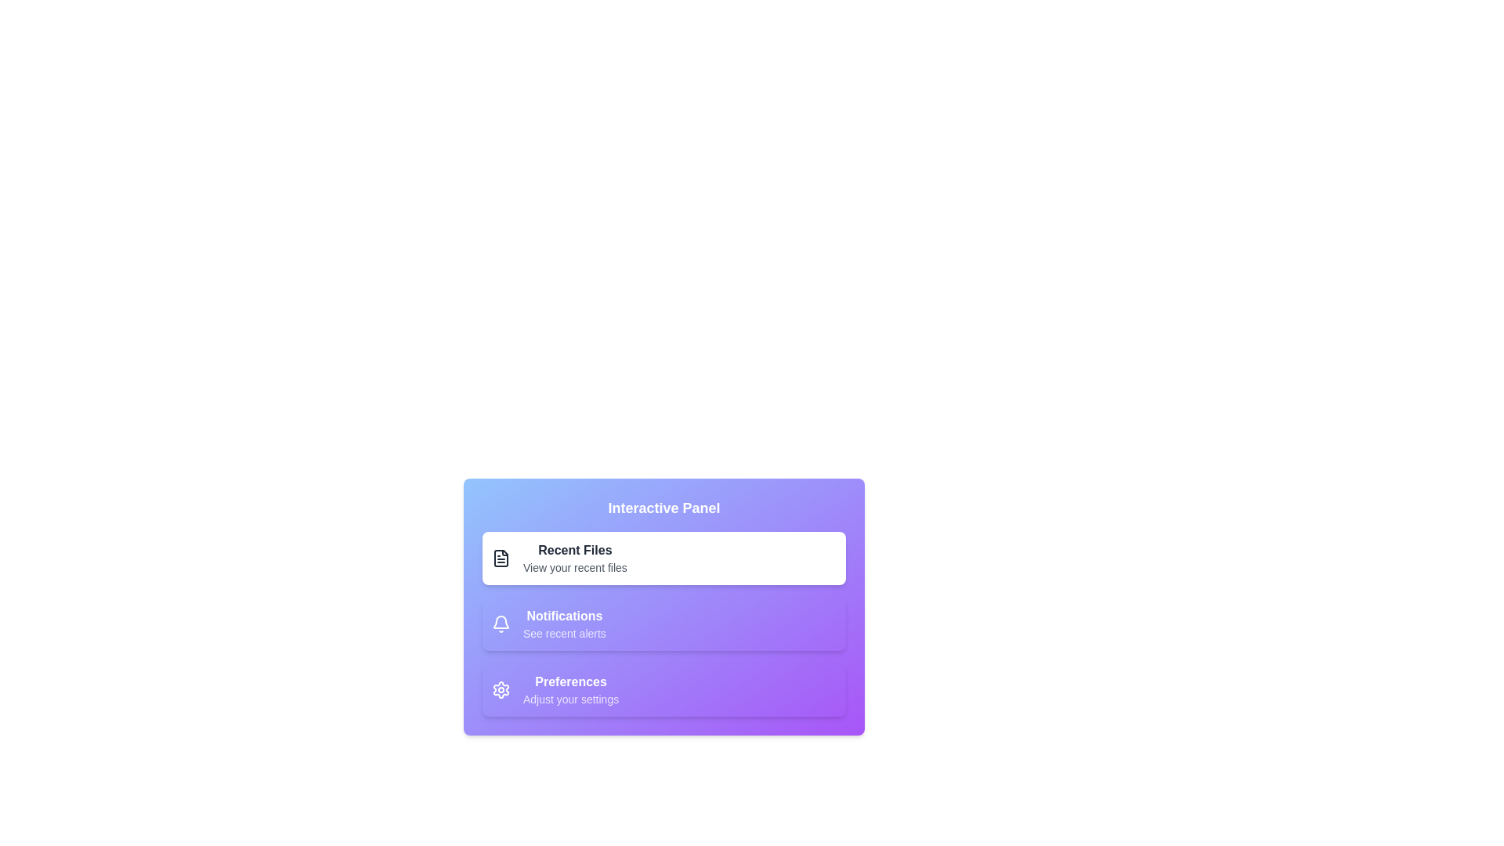  What do you see at coordinates (664, 689) in the screenshot?
I see `the section Preferences by clicking on its area` at bounding box center [664, 689].